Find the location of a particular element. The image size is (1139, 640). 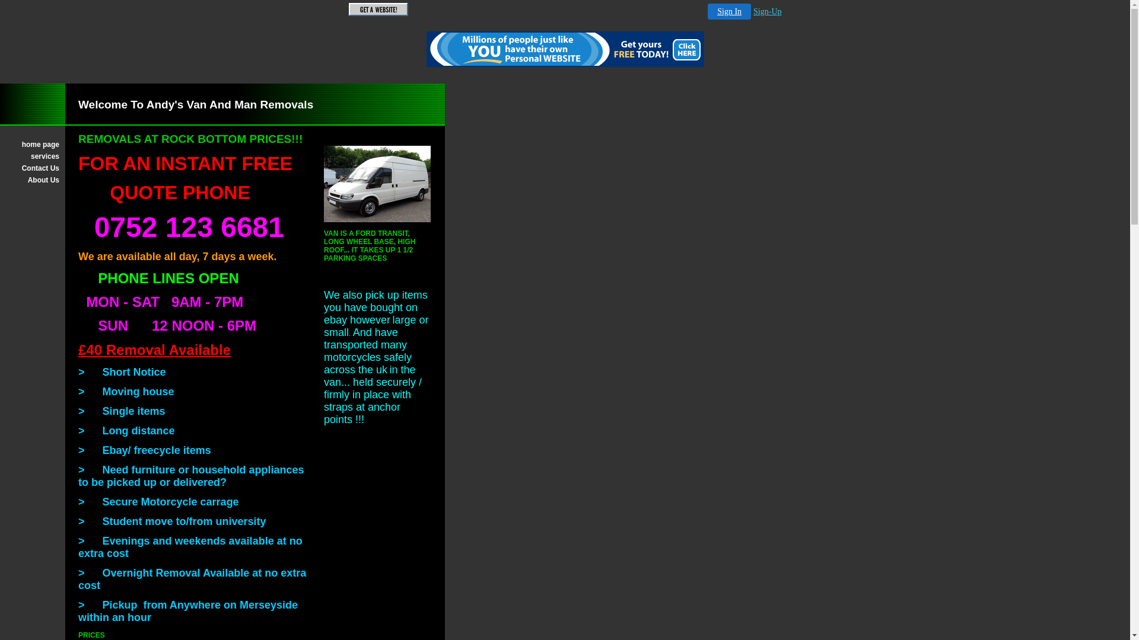

'Sign In' is located at coordinates (708, 11).